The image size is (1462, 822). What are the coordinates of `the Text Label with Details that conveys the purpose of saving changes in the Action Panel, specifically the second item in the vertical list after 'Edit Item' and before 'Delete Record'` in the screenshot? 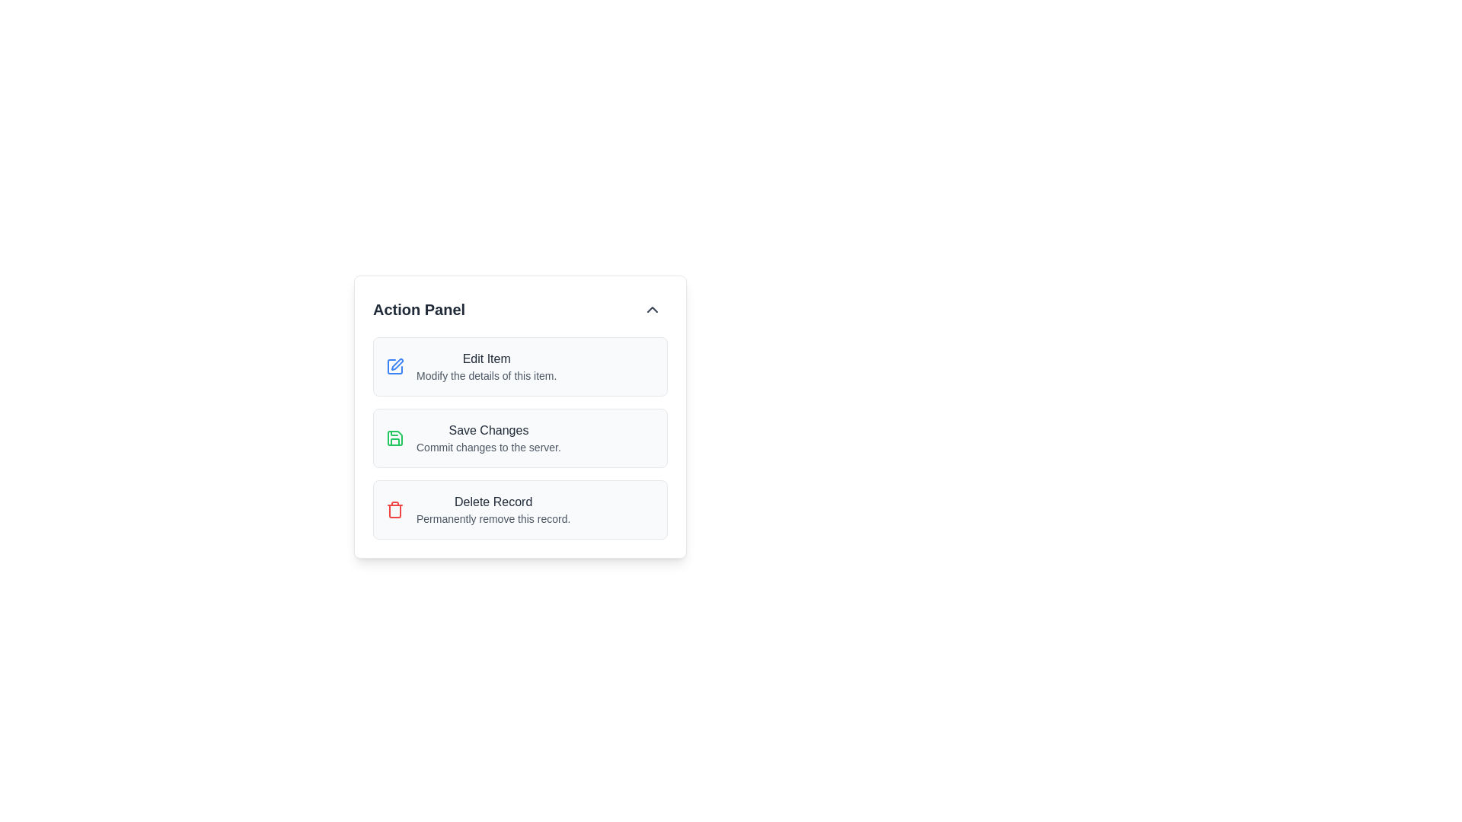 It's located at (488, 438).